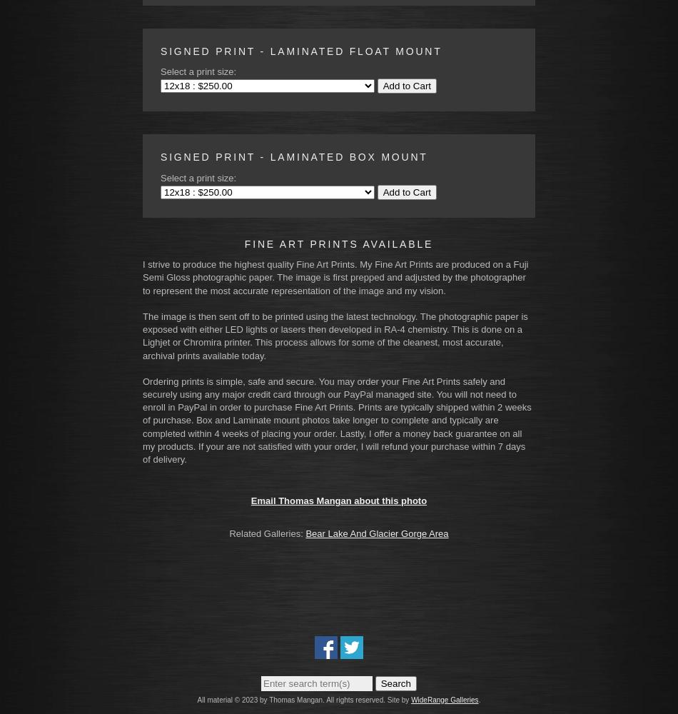 The width and height of the screenshot is (678, 714). Describe the element at coordinates (250, 500) in the screenshot. I see `'Email Thomas Mangan about this photo'` at that location.